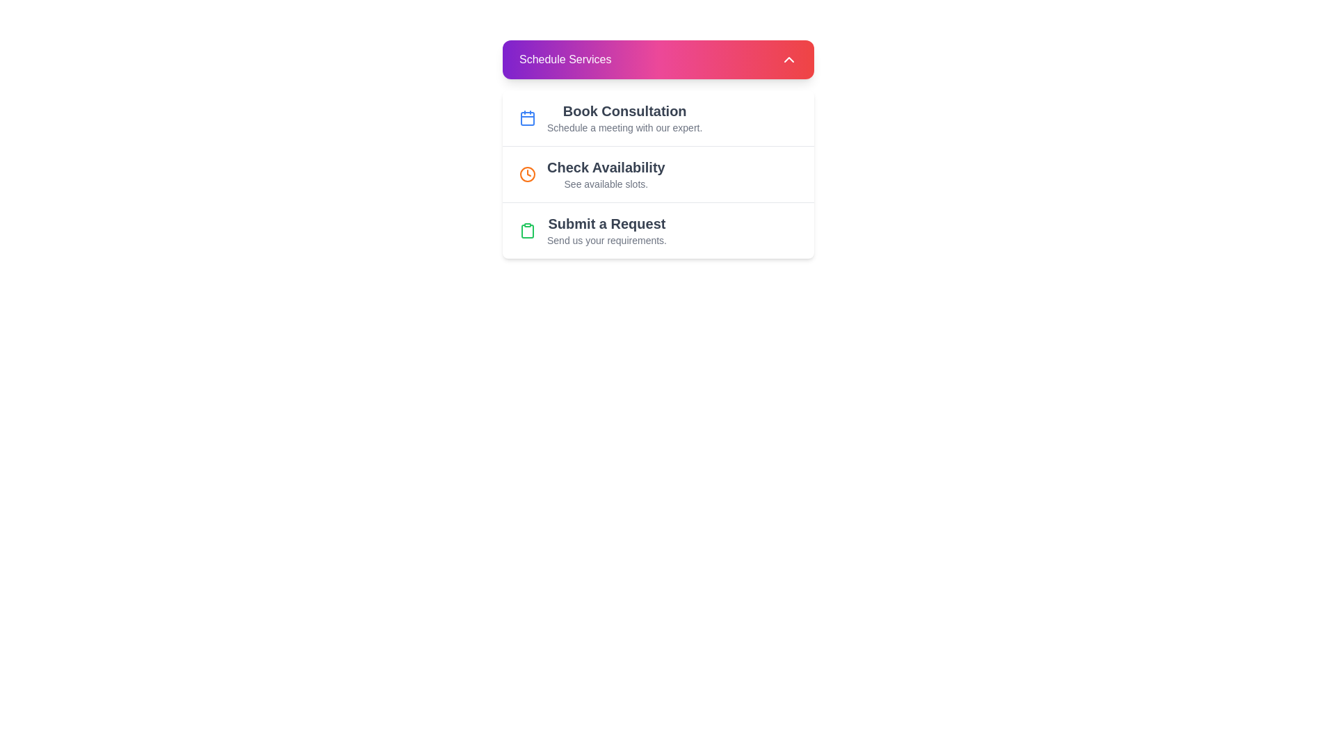  Describe the element at coordinates (657, 173) in the screenshot. I see `the second List item with icon and text under the 'Schedule Services' header` at that location.